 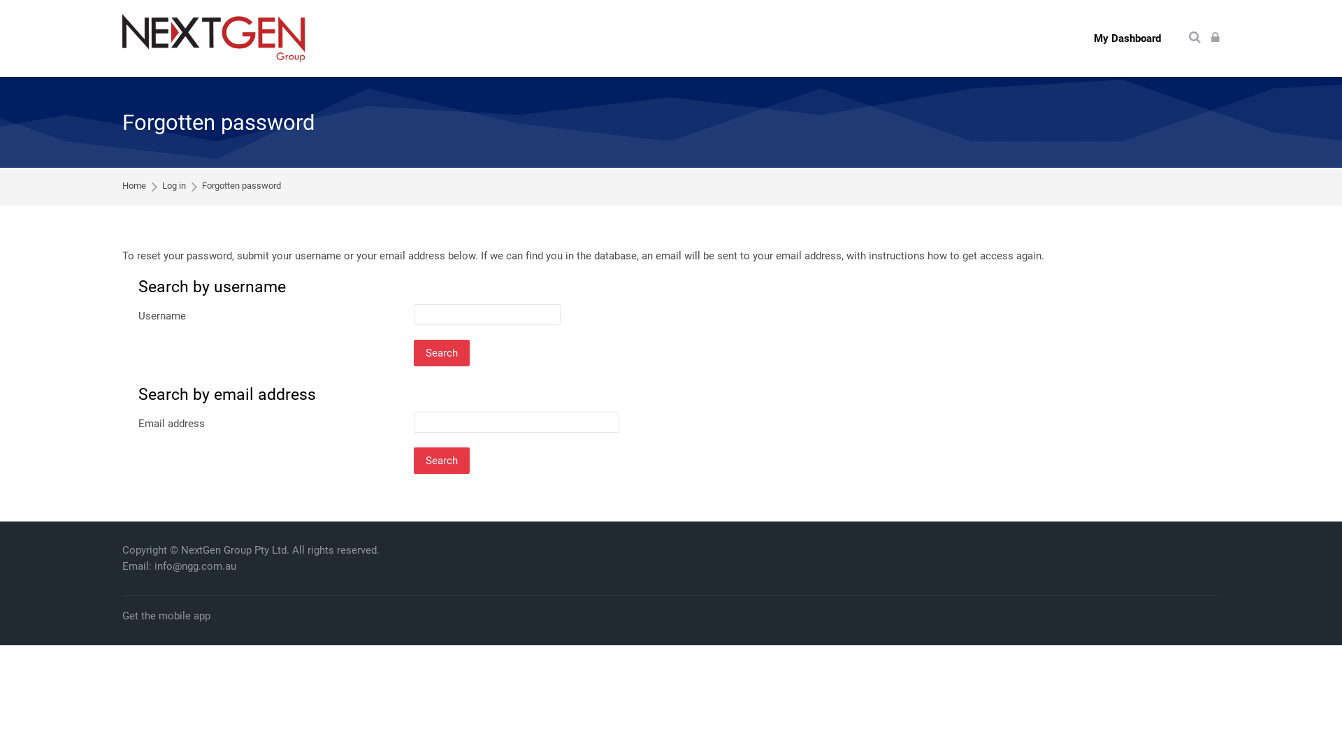 What do you see at coordinates (441, 461) in the screenshot?
I see `'Search'` at bounding box center [441, 461].